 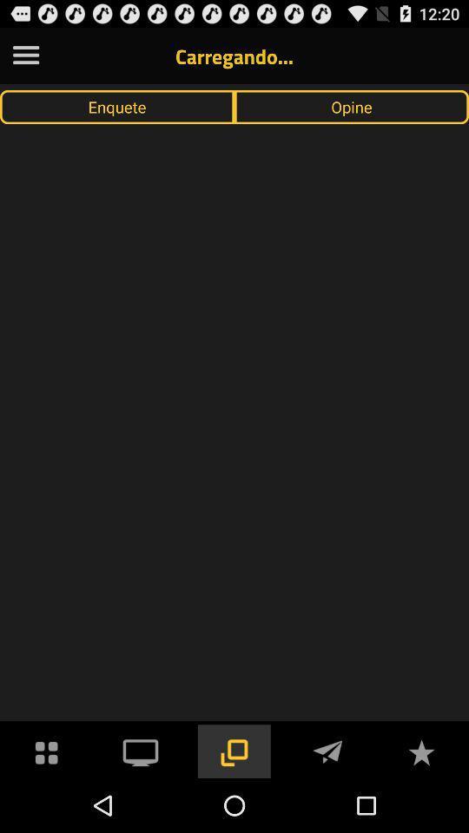 I want to click on the enquete button, so click(x=117, y=106).